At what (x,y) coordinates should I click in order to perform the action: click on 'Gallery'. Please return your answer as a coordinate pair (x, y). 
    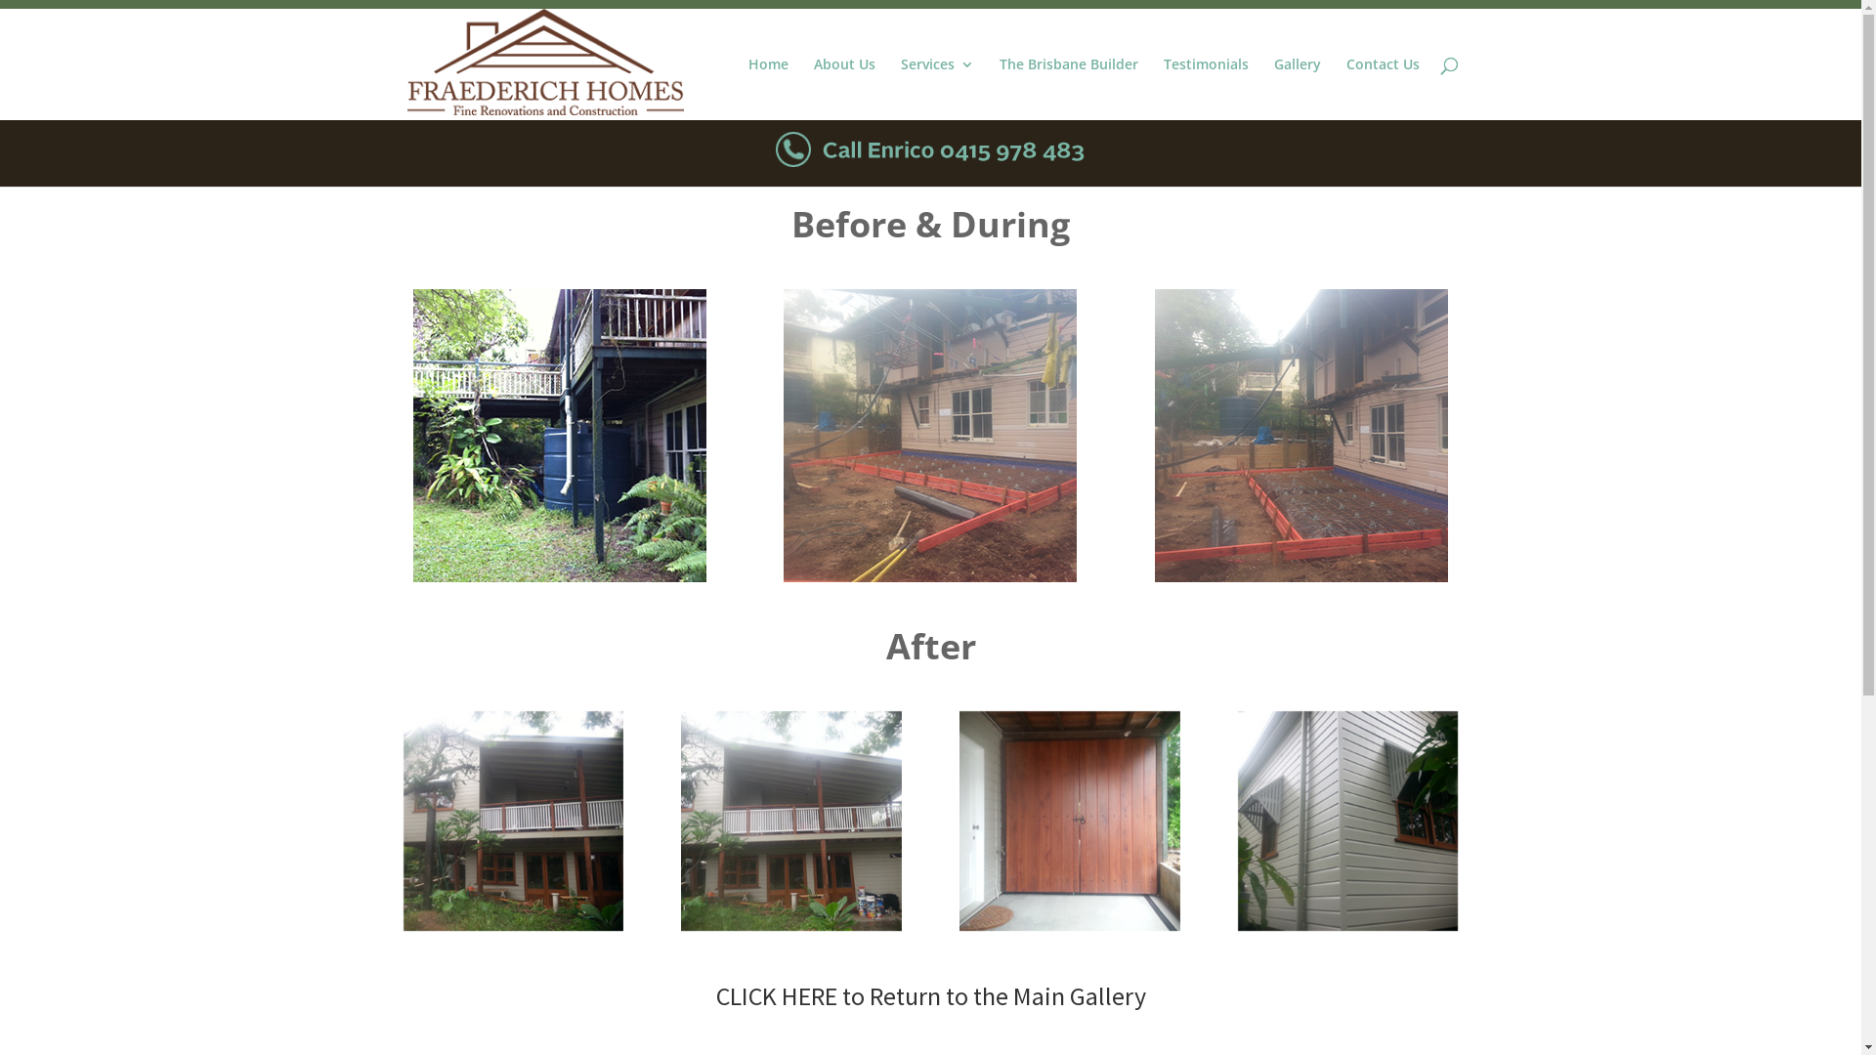
    Looking at the image, I should click on (1298, 89).